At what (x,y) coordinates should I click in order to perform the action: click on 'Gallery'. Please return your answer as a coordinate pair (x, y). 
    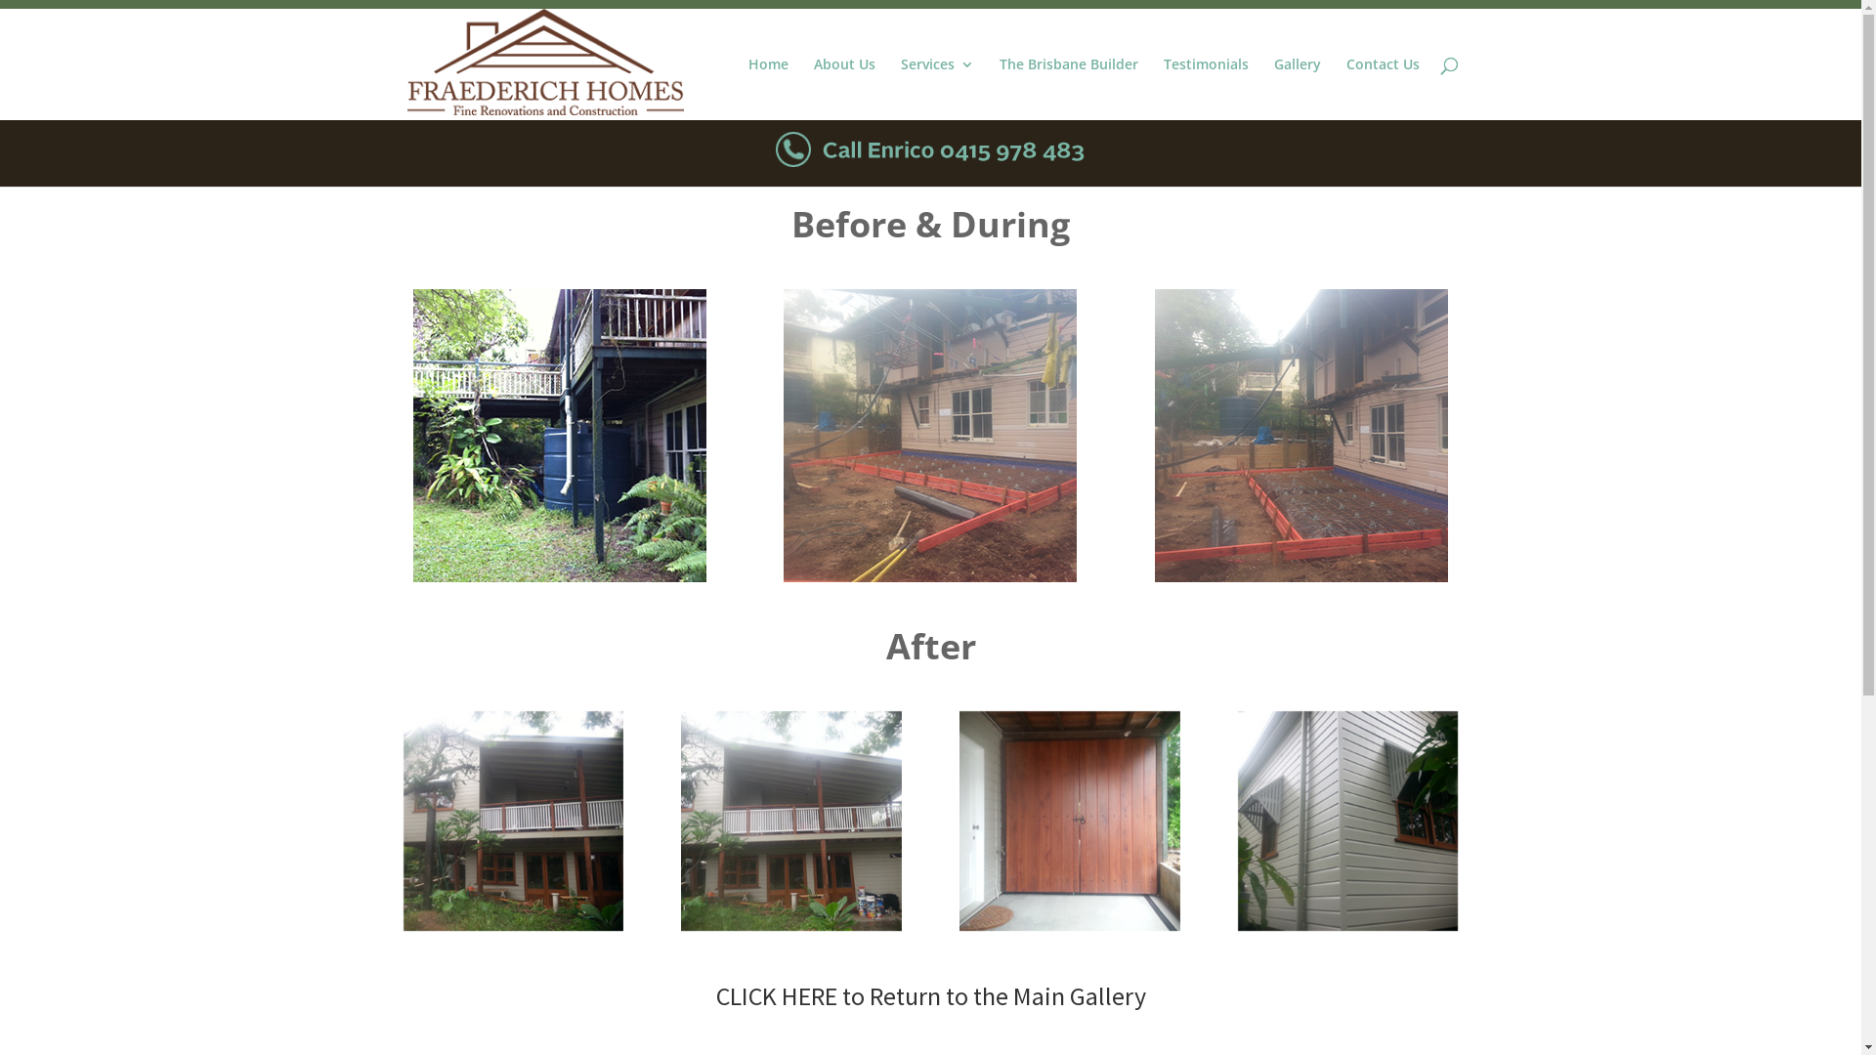
    Looking at the image, I should click on (1298, 89).